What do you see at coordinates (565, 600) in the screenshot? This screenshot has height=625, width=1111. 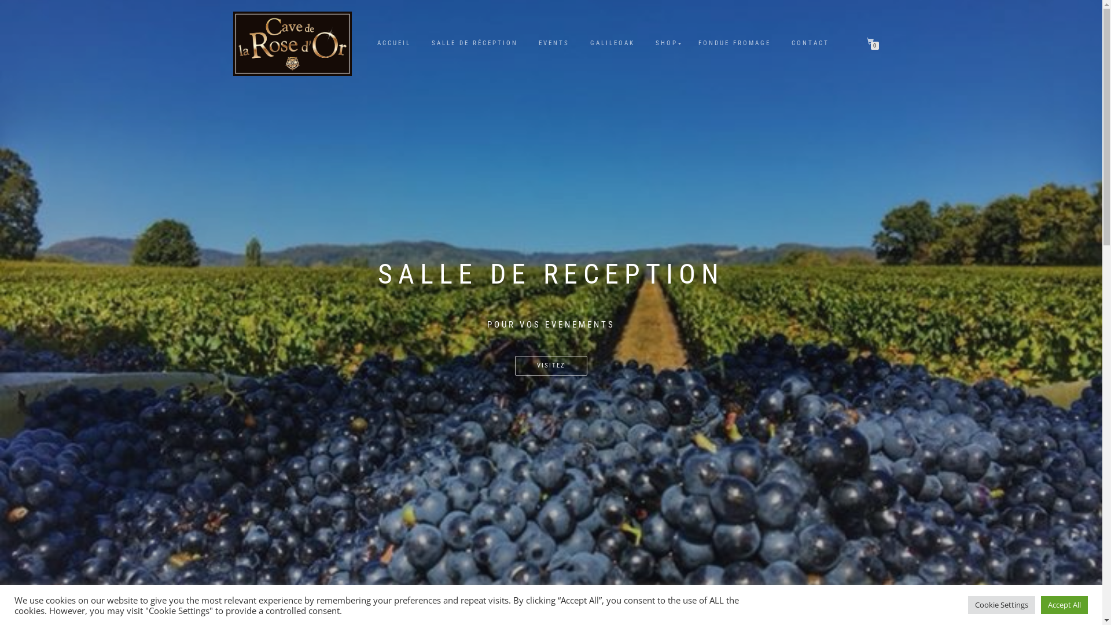 I see `'5'` at bounding box center [565, 600].